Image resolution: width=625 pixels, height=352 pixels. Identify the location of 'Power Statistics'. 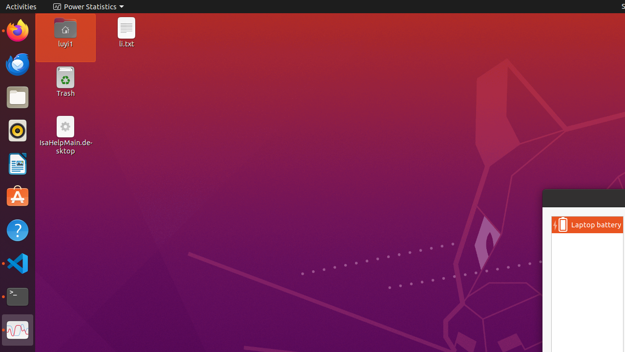
(88, 6).